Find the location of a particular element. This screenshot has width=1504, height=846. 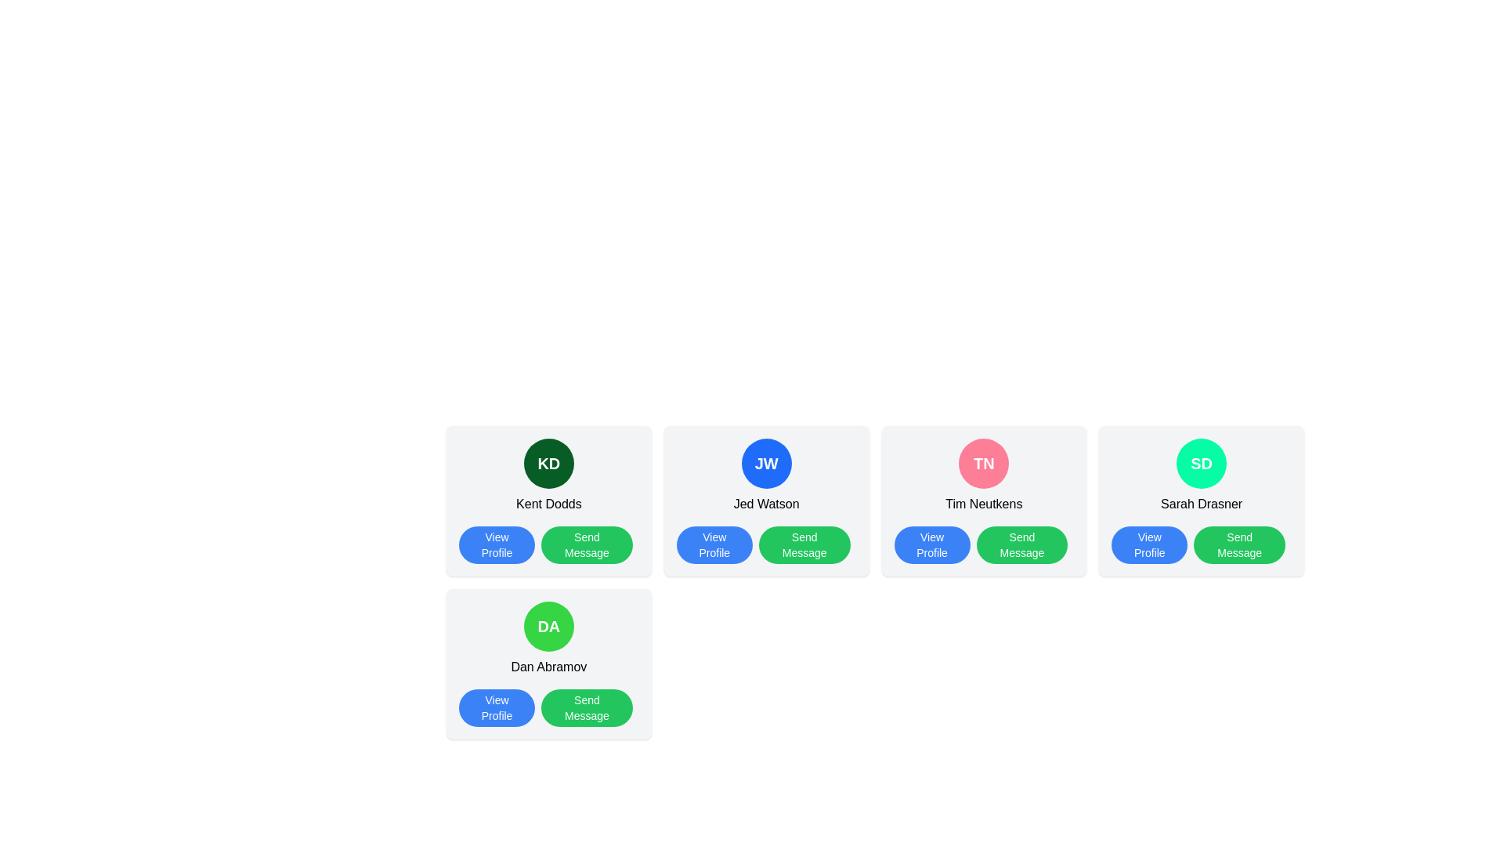

text label displaying the name 'Dan Abramov', which is centered within the card below the avatar and above the buttons is located at coordinates (548, 667).